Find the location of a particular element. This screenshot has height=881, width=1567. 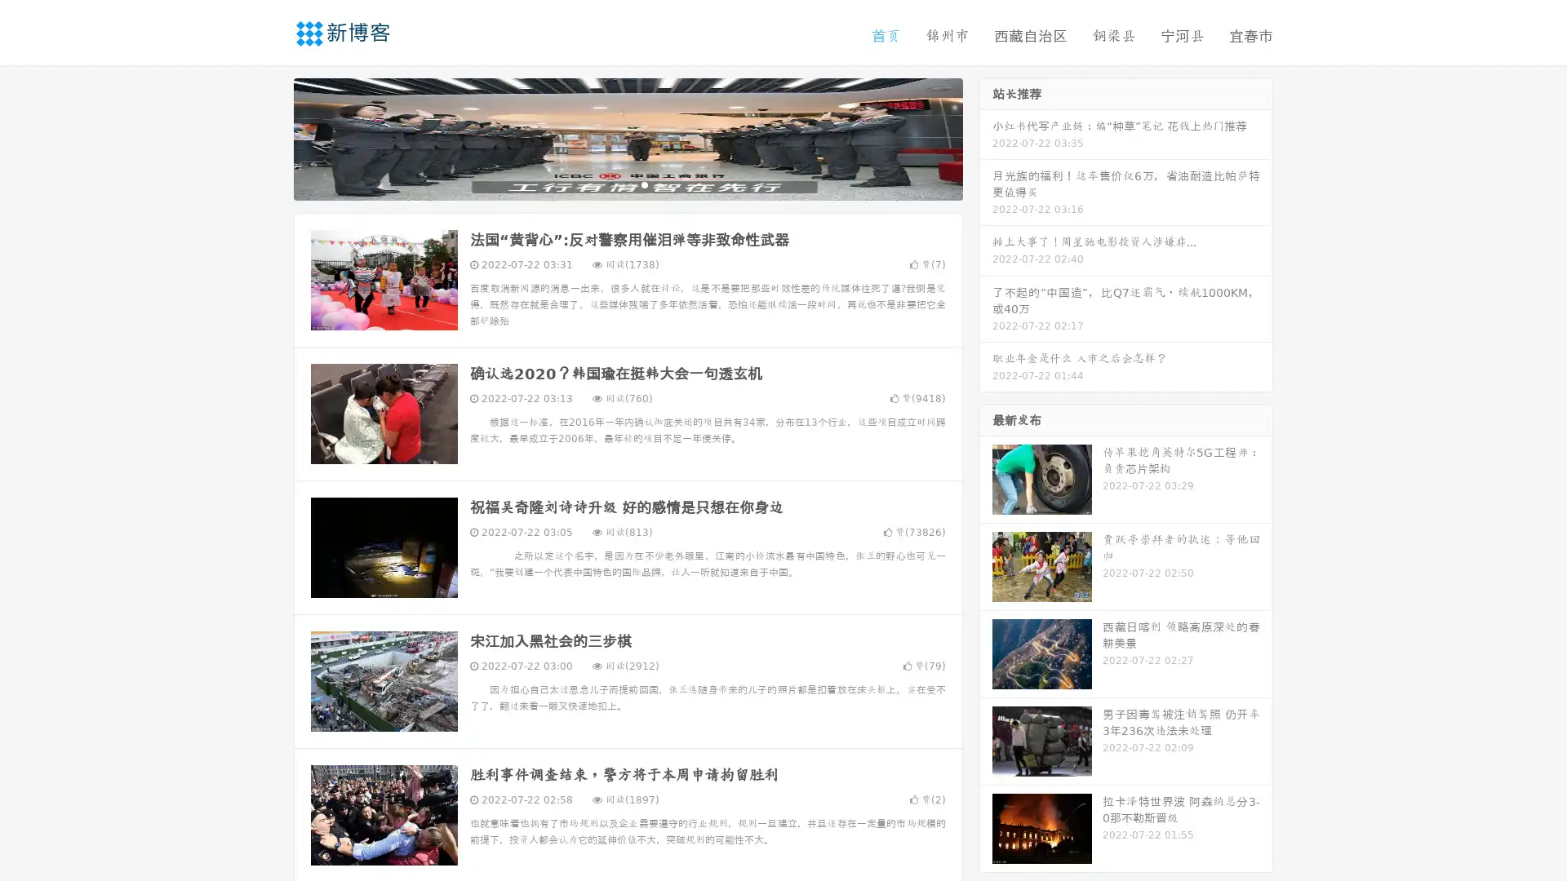

Previous slide is located at coordinates (269, 137).